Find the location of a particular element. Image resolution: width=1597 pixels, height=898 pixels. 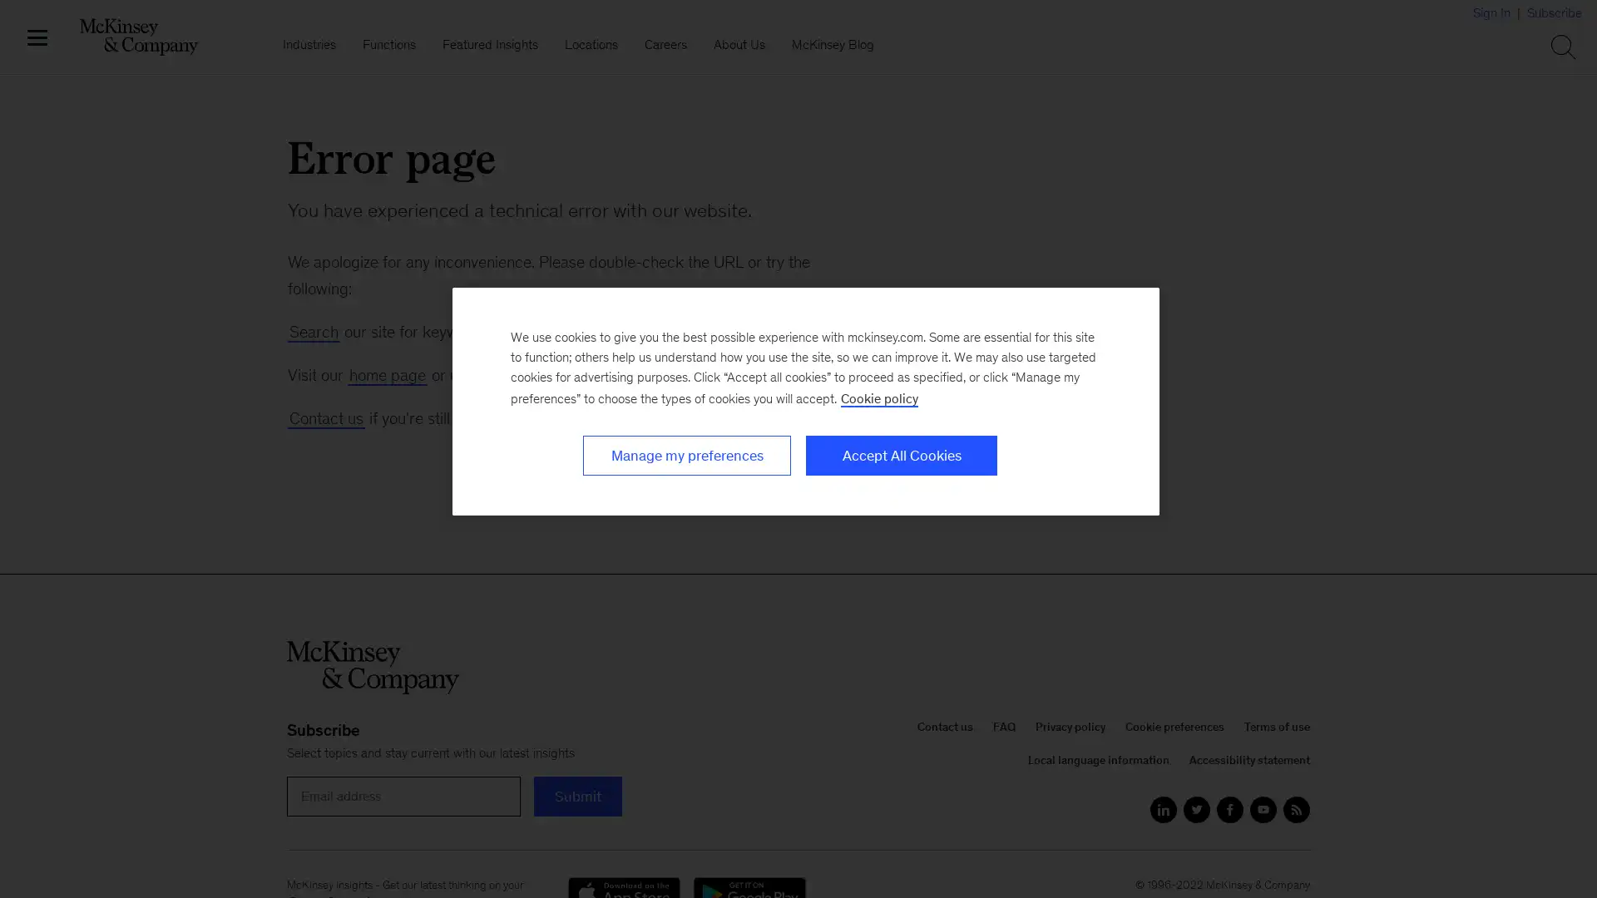

submit For email alerts is located at coordinates (577, 795).